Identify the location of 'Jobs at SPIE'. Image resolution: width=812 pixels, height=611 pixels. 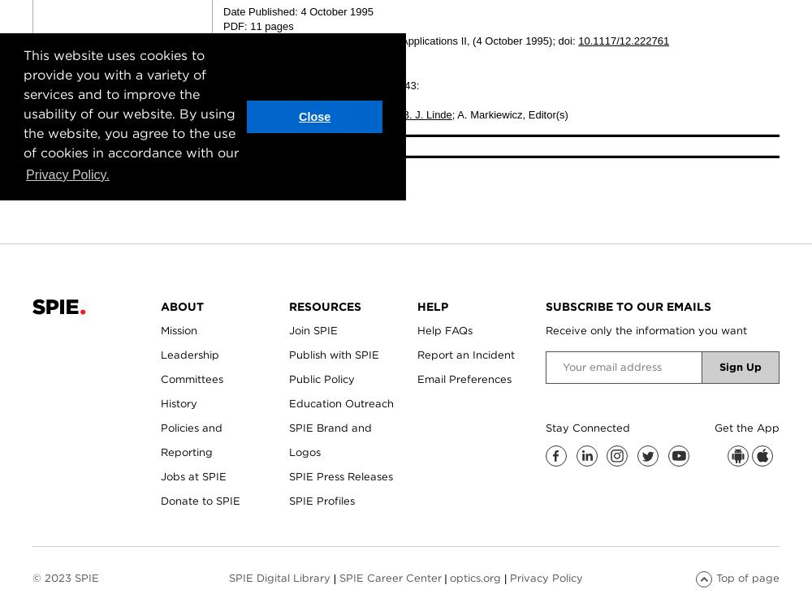
(160, 475).